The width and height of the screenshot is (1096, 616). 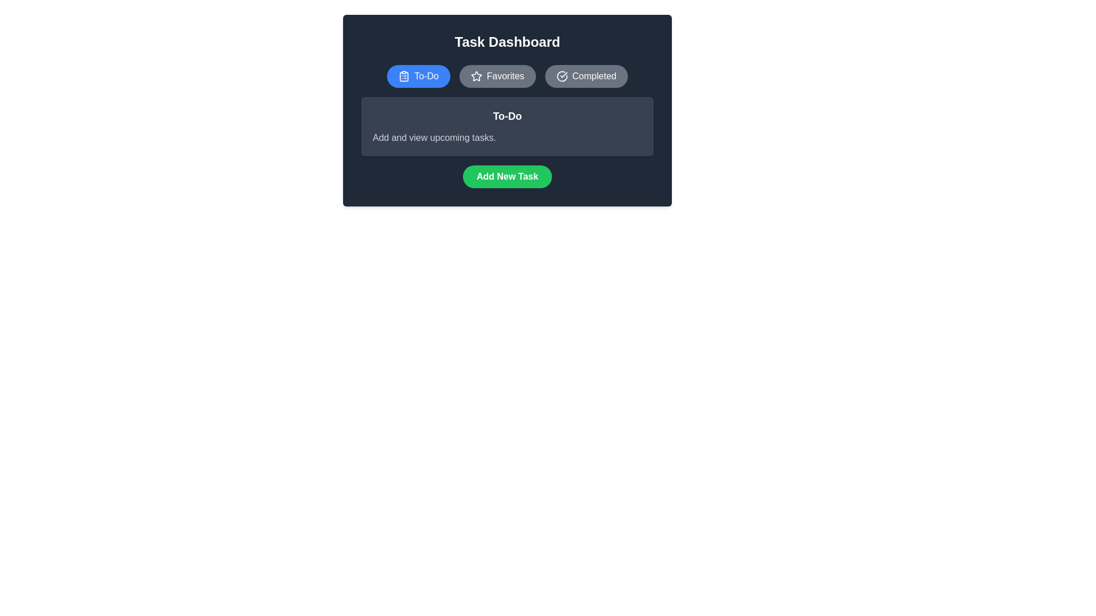 I want to click on the 'Add New Task' button, so click(x=506, y=176).